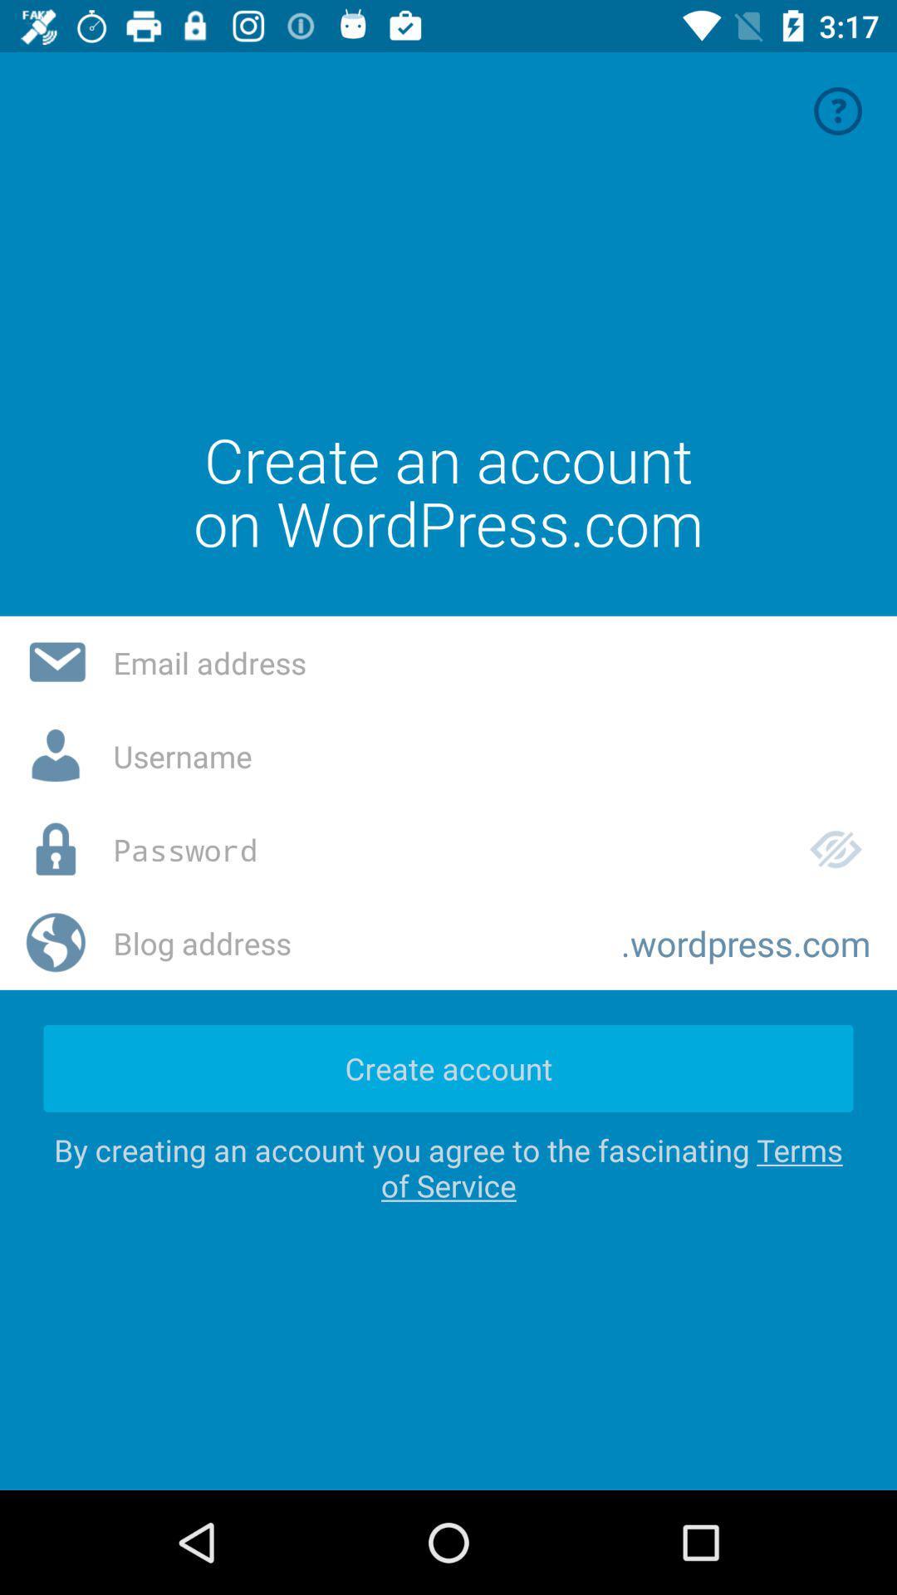  I want to click on open text box for email address, so click(491, 661).